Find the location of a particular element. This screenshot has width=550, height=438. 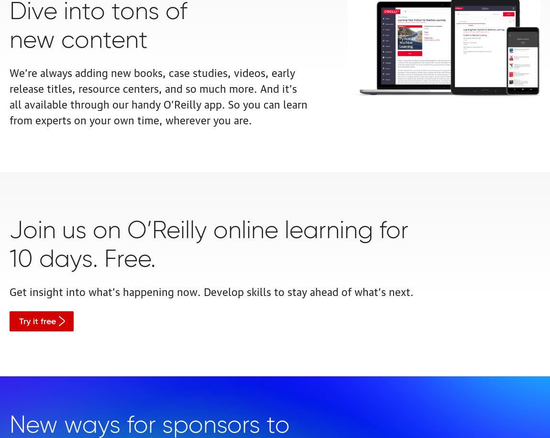

'new content' is located at coordinates (9, 40).